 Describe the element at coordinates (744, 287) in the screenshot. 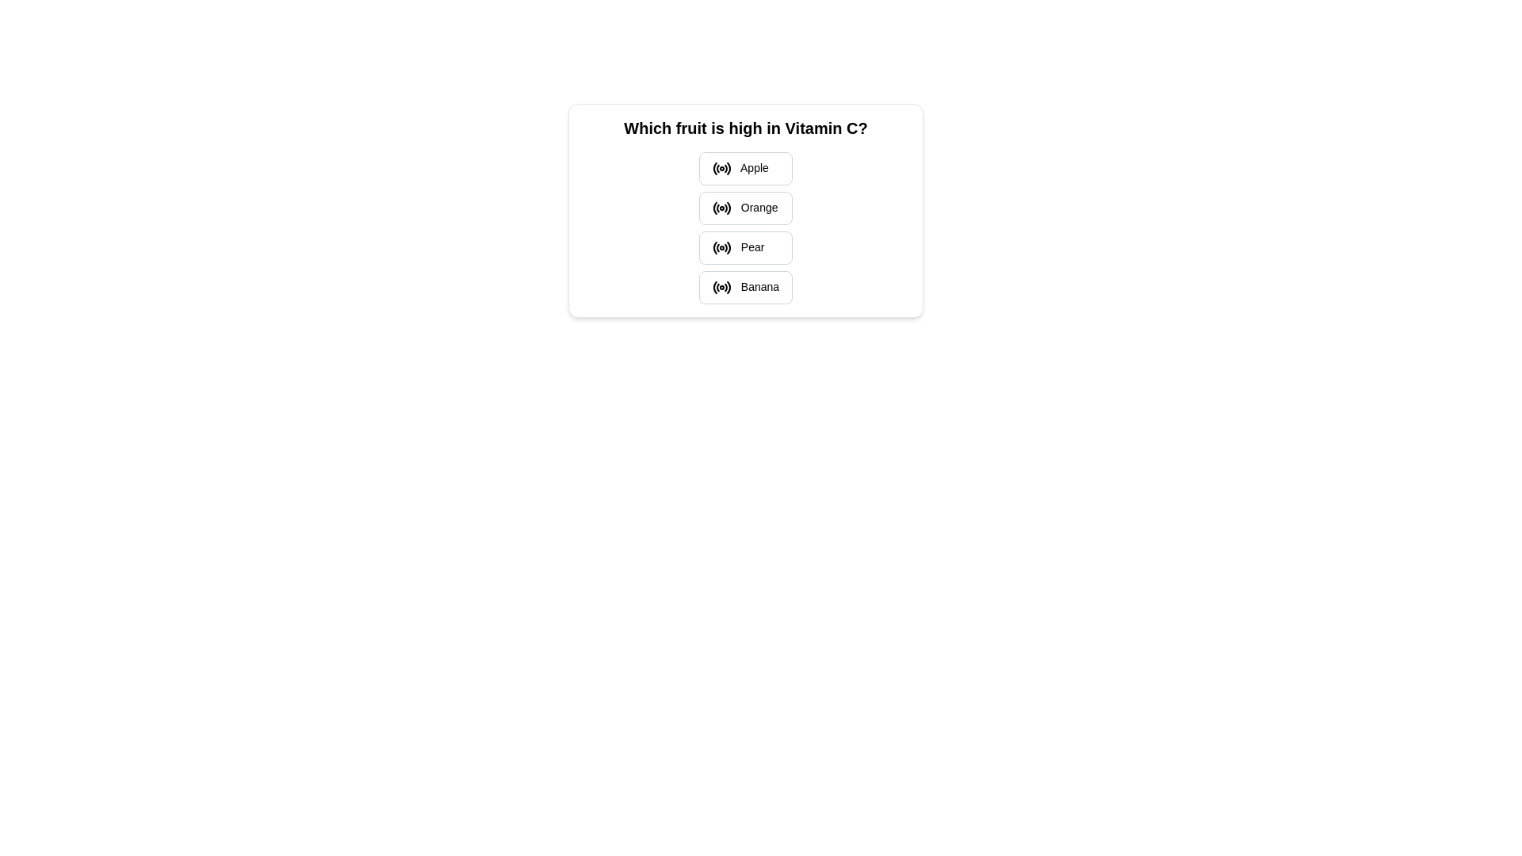

I see `the 'Banana' button with a radio button styled icon` at that location.